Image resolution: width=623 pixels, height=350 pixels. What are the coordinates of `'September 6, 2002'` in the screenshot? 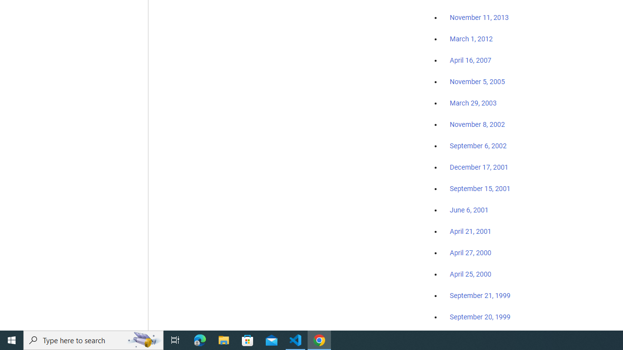 It's located at (478, 145).